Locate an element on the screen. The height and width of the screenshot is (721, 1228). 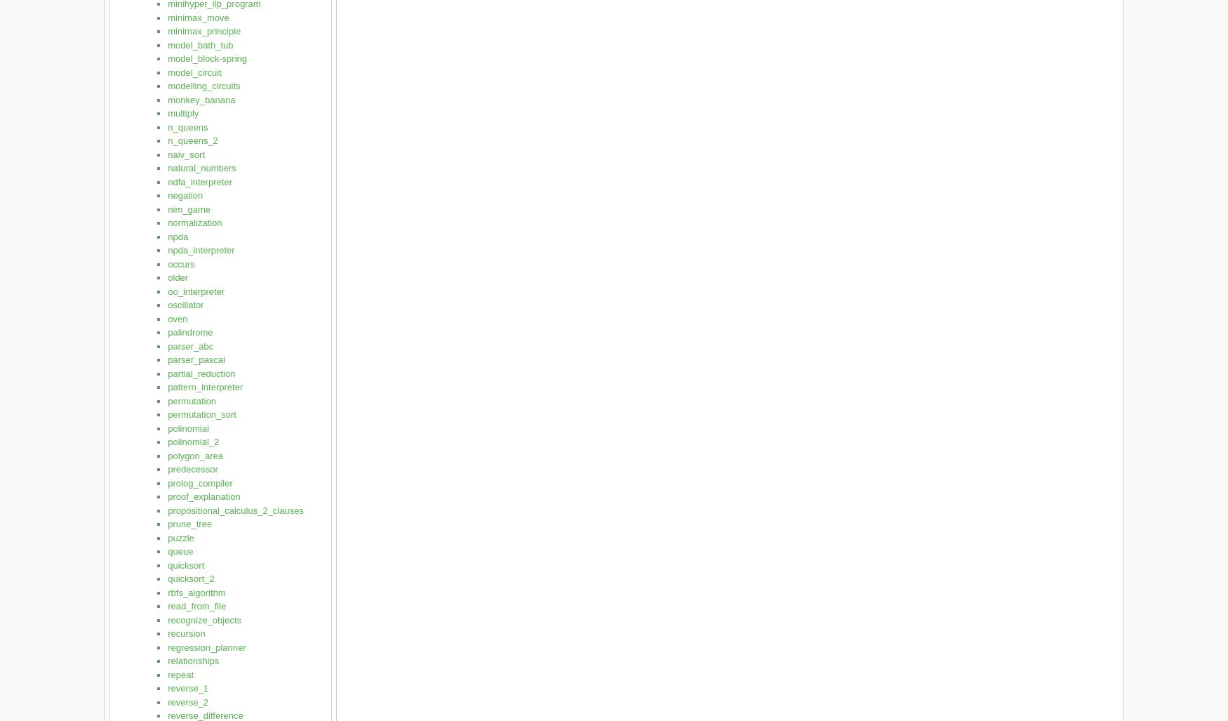
'rbfs_algorithm' is located at coordinates (196, 592).